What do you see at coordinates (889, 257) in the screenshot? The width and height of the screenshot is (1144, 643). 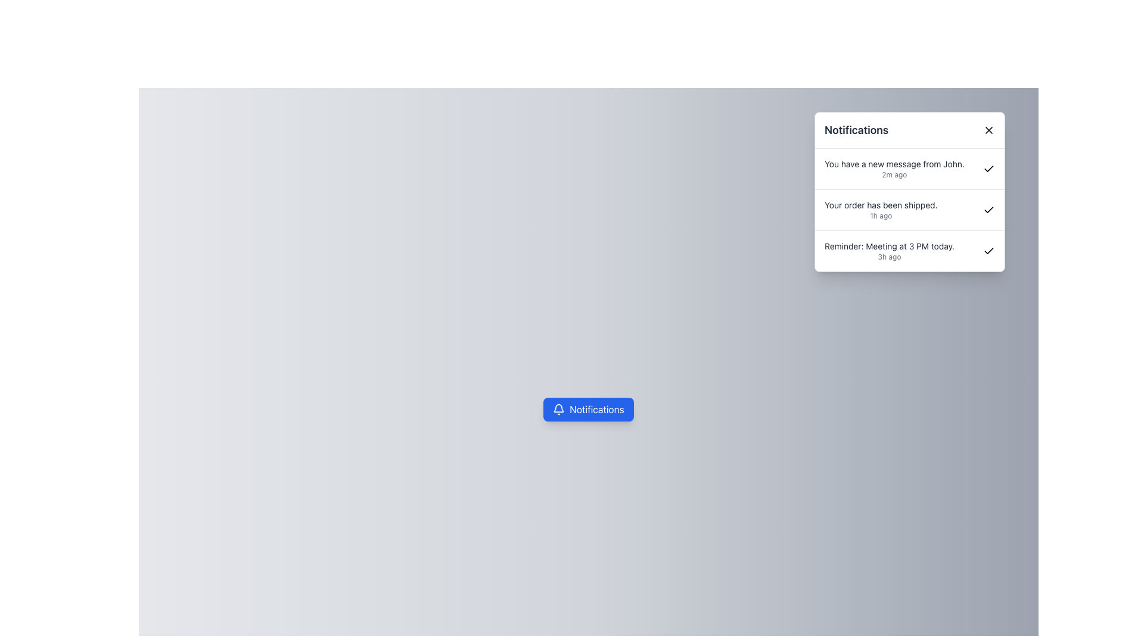 I see `time information from the text label located at the bottom-right of the 'Reminder: Meeting at 3 PM today' notification card` at bounding box center [889, 257].